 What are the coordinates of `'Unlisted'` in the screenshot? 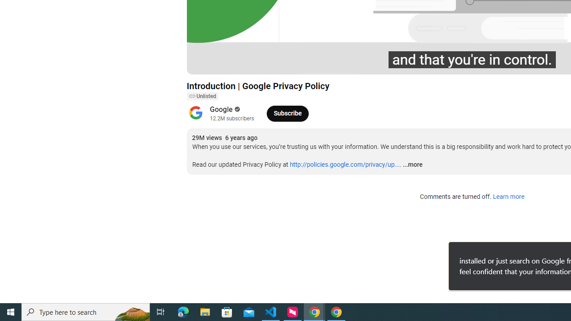 It's located at (202, 96).